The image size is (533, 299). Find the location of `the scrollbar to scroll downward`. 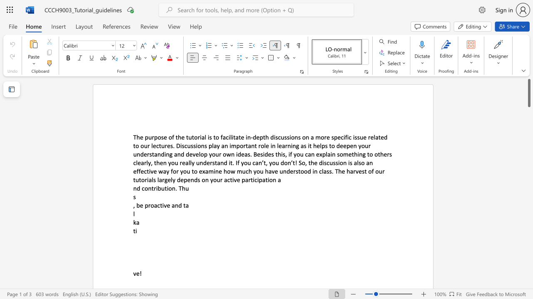

the scrollbar to scroll downward is located at coordinates (528, 158).